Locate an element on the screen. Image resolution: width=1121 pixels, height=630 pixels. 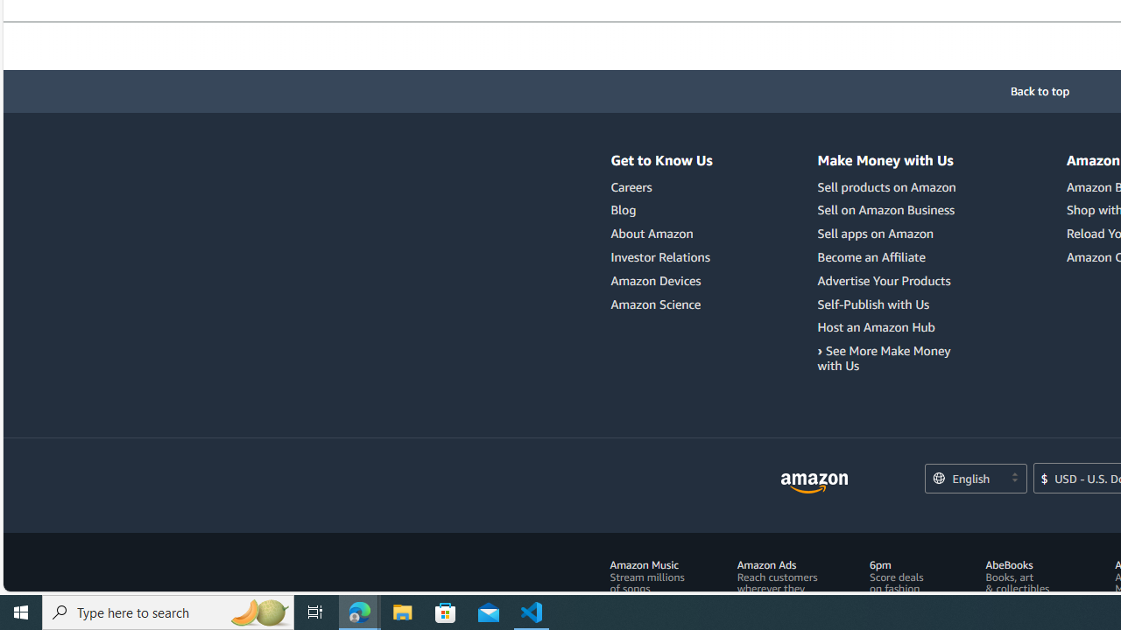
'About Amazon' is located at coordinates (651, 233).